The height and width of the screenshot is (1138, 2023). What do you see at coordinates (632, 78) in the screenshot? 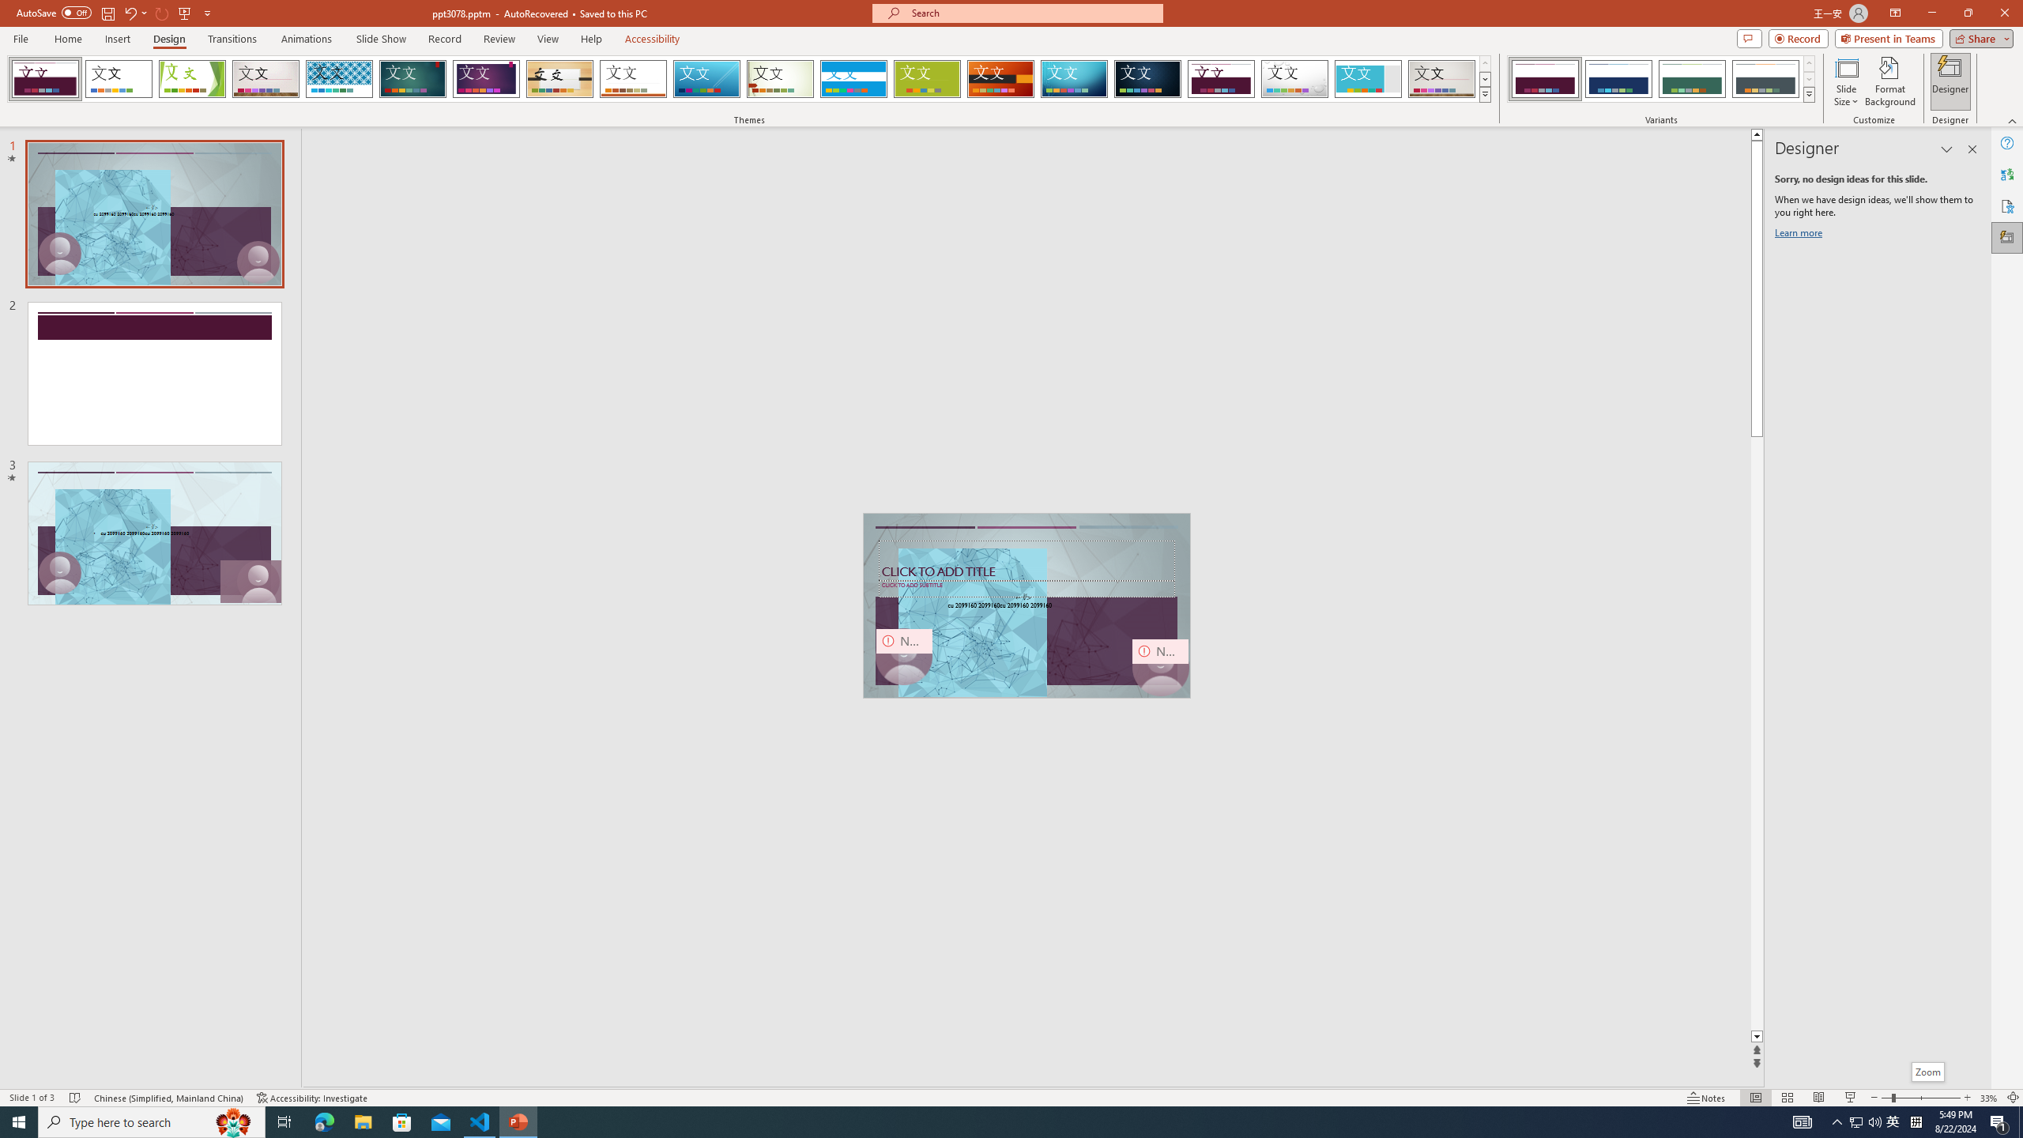
I see `'Retrospect'` at bounding box center [632, 78].